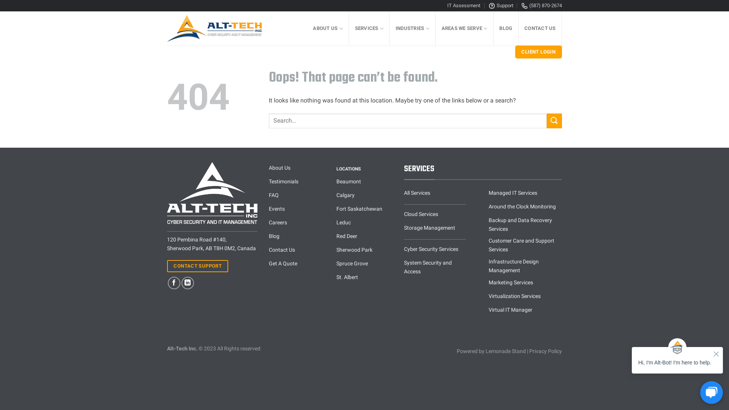 The image size is (729, 410). I want to click on 'Calgary', so click(364, 196).